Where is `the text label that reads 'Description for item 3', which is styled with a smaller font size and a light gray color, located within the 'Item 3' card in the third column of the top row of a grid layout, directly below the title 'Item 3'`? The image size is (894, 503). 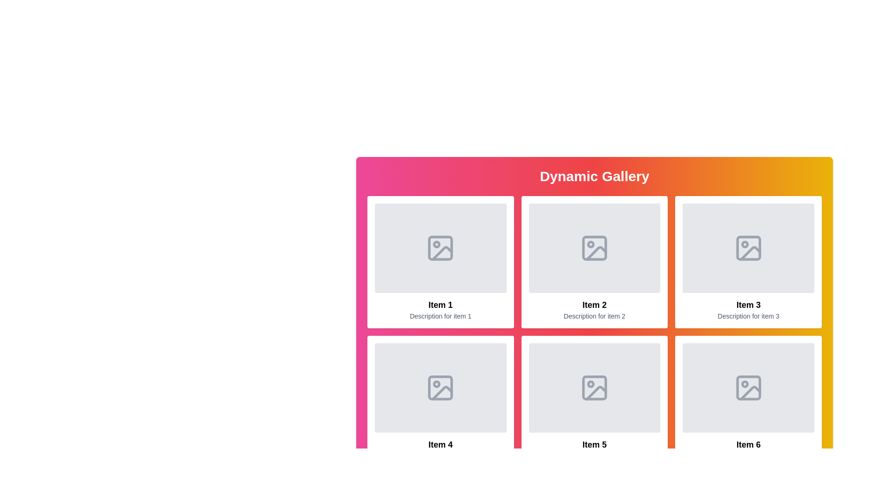 the text label that reads 'Description for item 3', which is styled with a smaller font size and a light gray color, located within the 'Item 3' card in the third column of the top row of a grid layout, directly below the title 'Item 3' is located at coordinates (748, 315).